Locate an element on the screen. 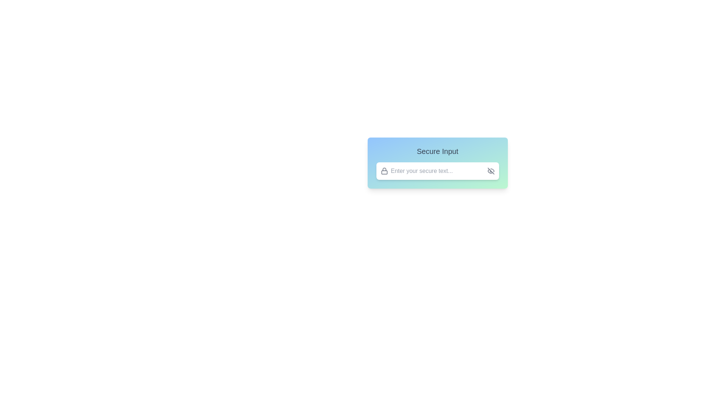  the lock-shaped icon with a thin, rounded outline located to the left of the password input field in the upper-left segment of the text entry box is located at coordinates (384, 171).